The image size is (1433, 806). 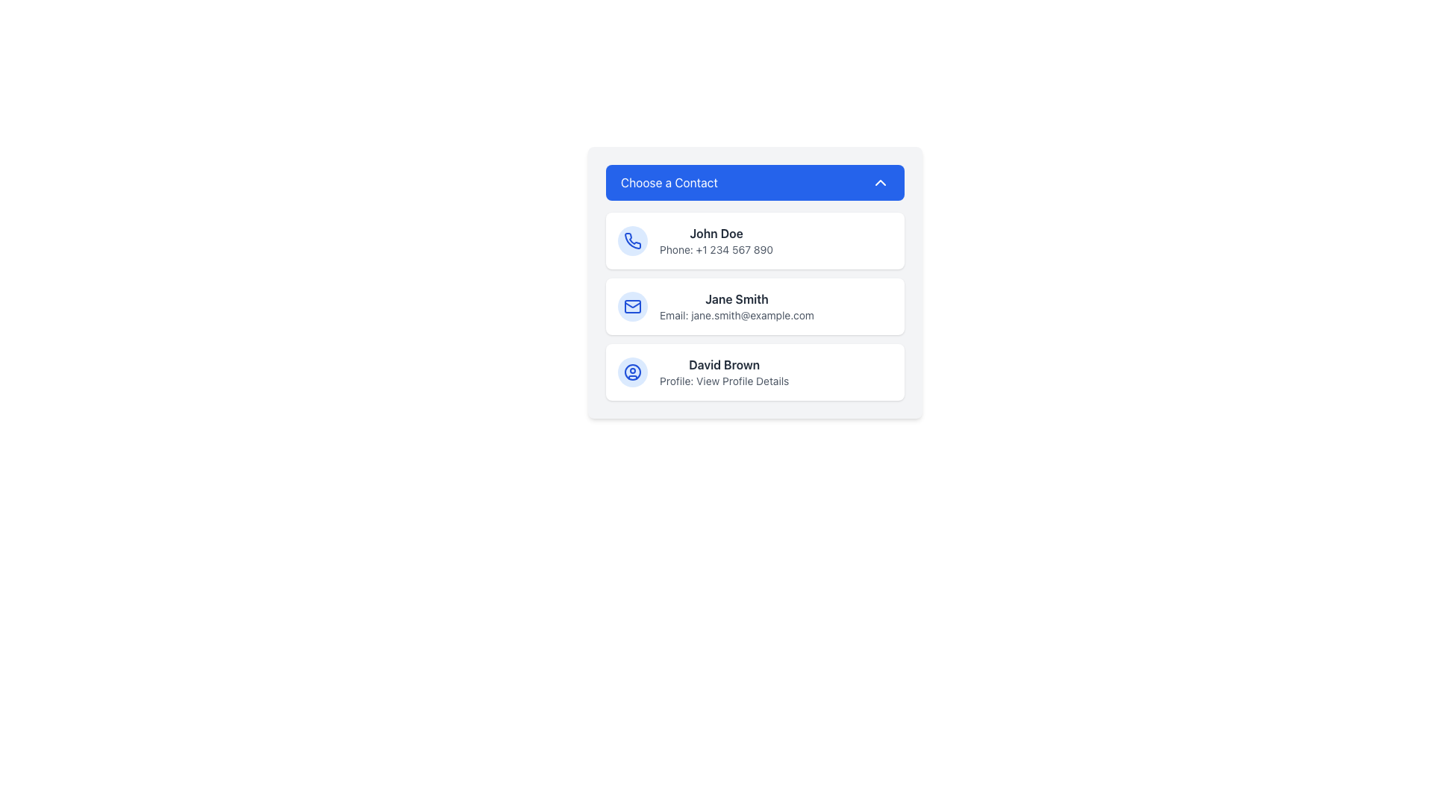 What do you see at coordinates (724, 365) in the screenshot?
I see `the text label displaying the name 'David Brown' which is located at the top of the contact's informational card` at bounding box center [724, 365].